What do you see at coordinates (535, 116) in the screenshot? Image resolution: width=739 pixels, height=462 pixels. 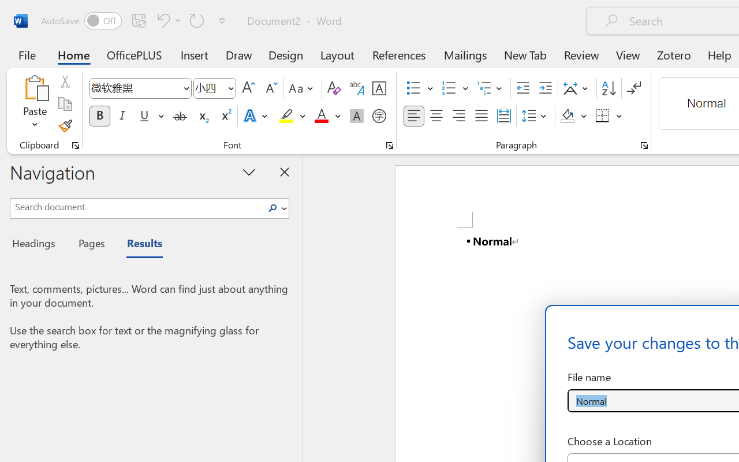 I see `'Line and Paragraph Spacing'` at bounding box center [535, 116].